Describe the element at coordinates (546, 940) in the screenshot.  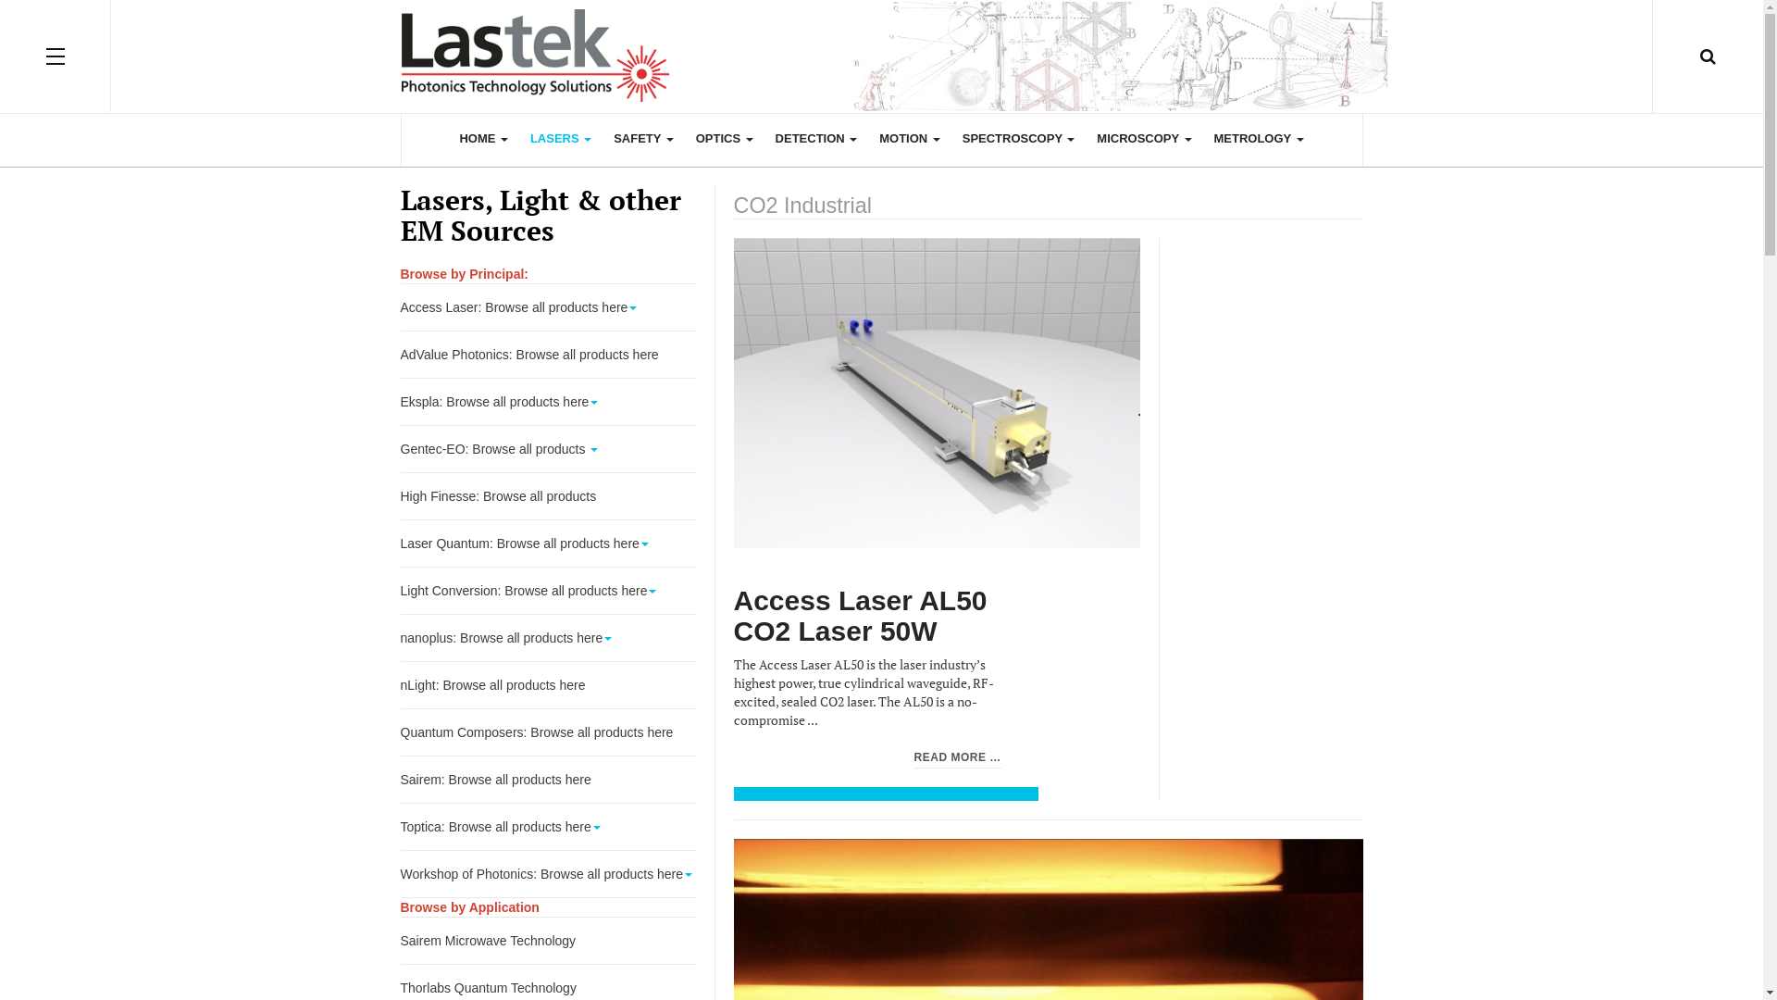
I see `'Sairem Microwave Technology'` at that location.